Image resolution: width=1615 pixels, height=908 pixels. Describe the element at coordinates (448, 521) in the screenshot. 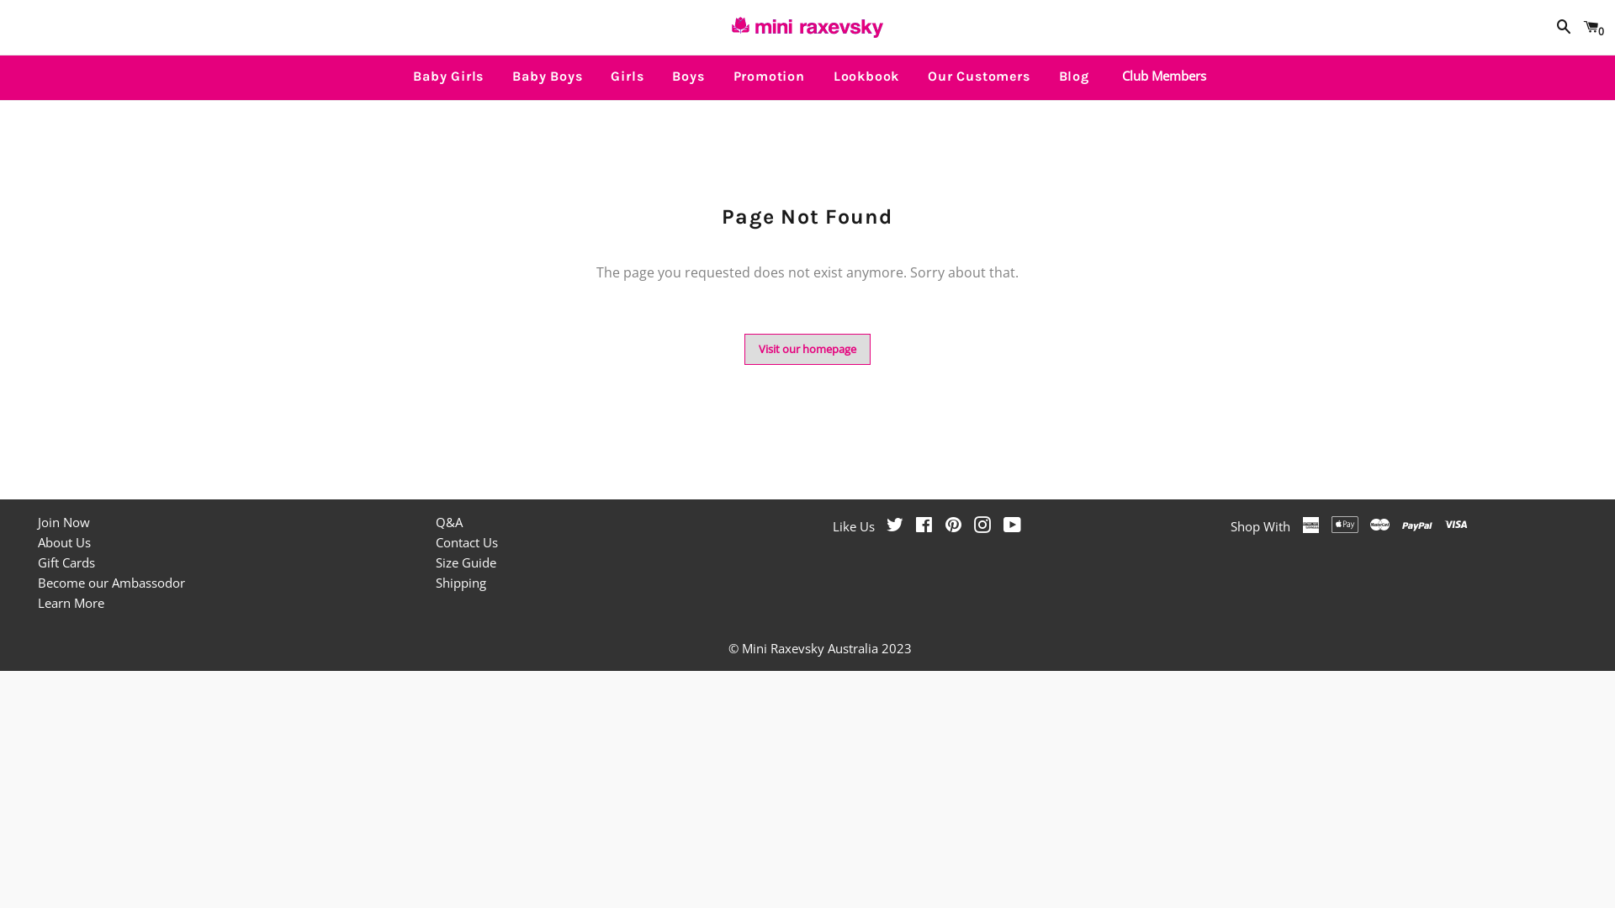

I see `'Q&A'` at that location.